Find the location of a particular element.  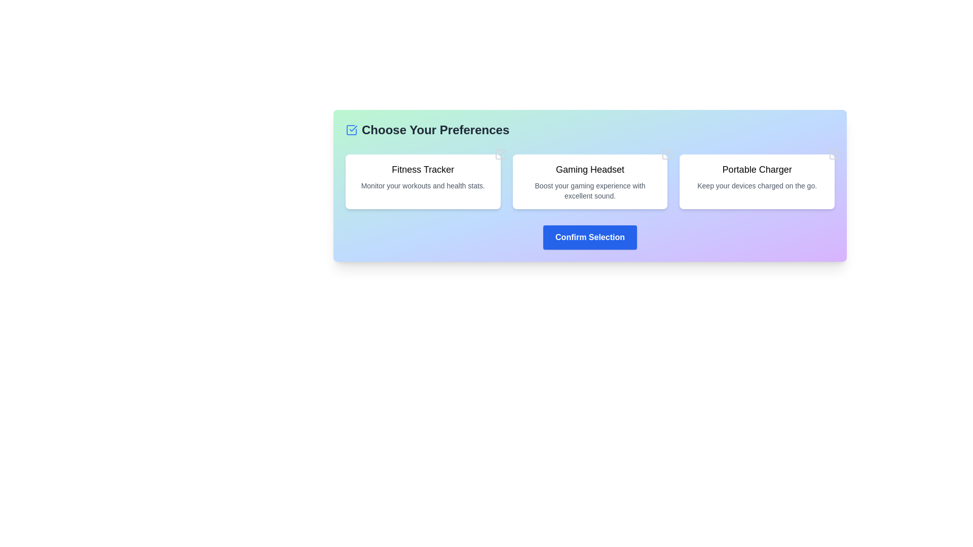

to select the second selectable card related to gaming accessories, positioned between the 'Fitness Tracker' and 'Portable Charger' cards in a grid layout is located at coordinates (590, 181).